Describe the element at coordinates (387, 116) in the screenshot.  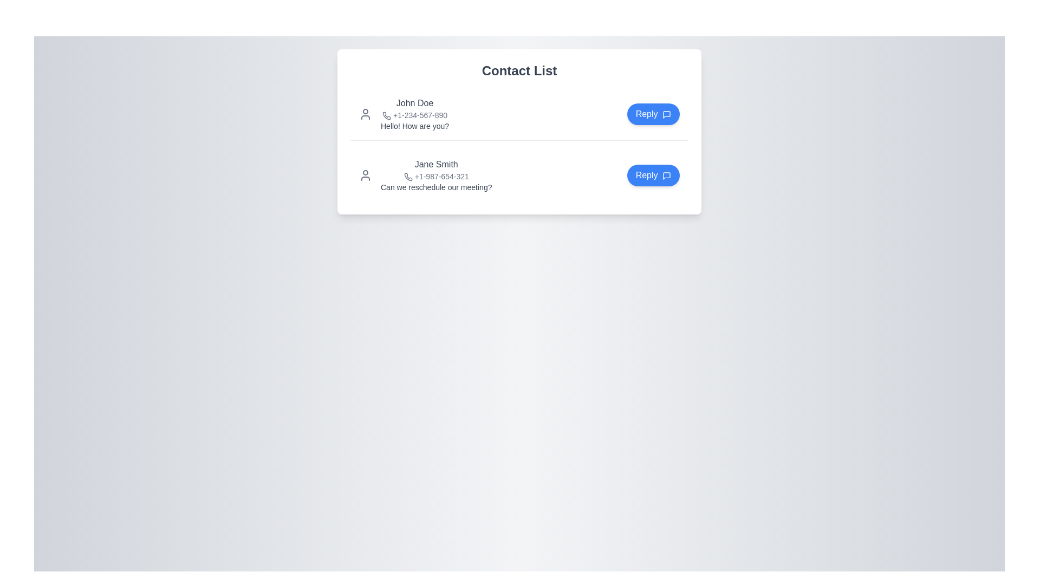
I see `the telephone icon located in the contact information section to the left of the phone number '+1-234-567-890' in the first contact card under 'Contact List'` at that location.